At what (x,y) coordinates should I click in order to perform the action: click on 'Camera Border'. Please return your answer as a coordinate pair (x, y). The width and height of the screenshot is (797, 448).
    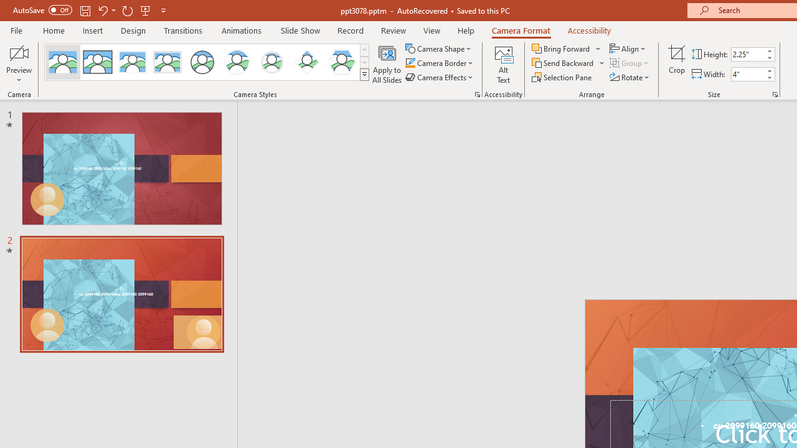
    Looking at the image, I should click on (440, 63).